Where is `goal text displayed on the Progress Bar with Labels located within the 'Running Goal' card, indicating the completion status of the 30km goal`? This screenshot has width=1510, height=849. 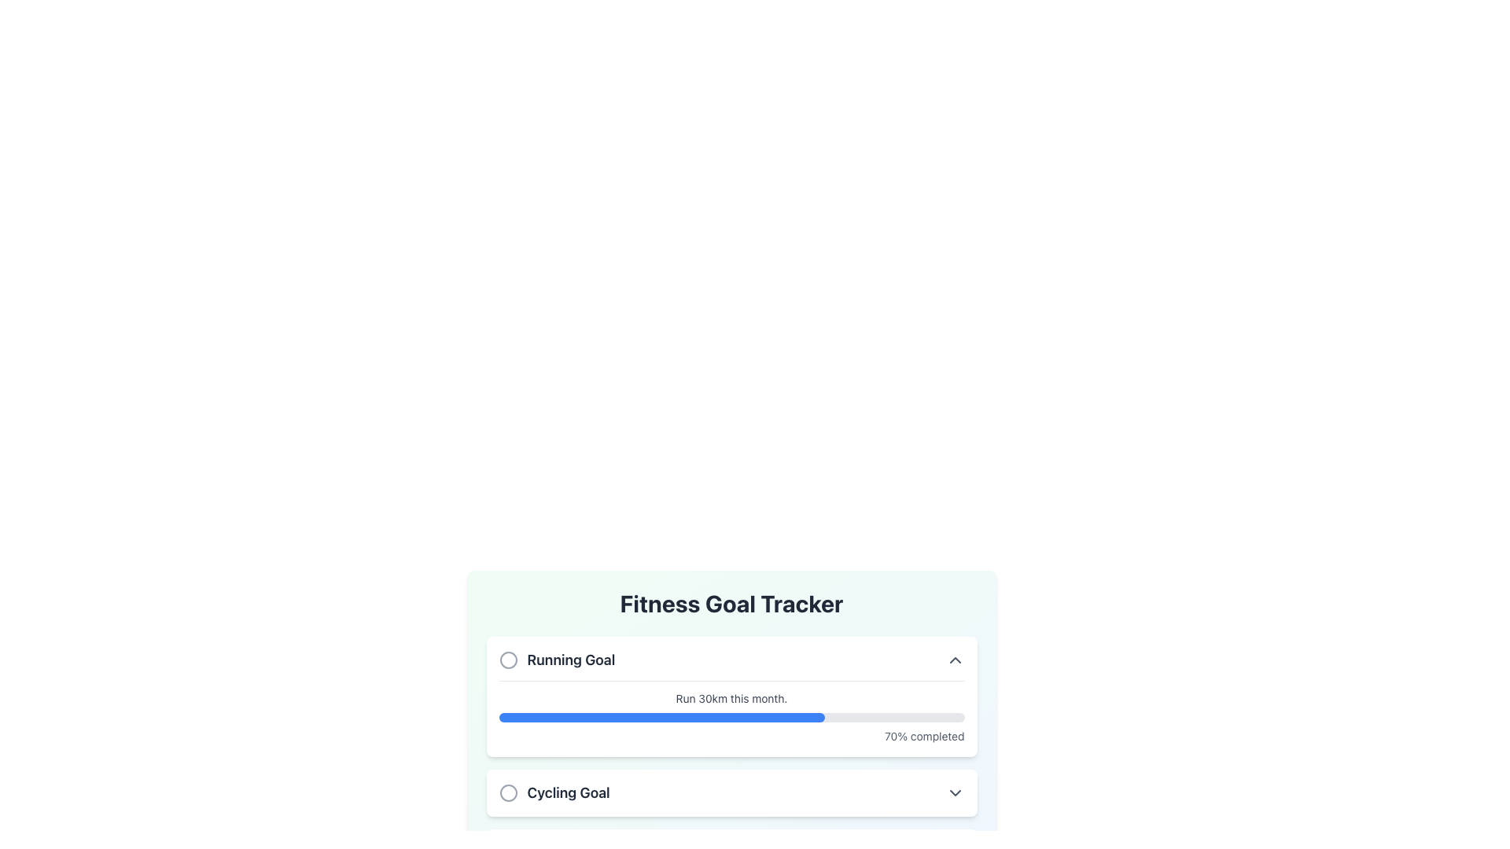
goal text displayed on the Progress Bar with Labels located within the 'Running Goal' card, indicating the completion status of the 30km goal is located at coordinates (731, 712).